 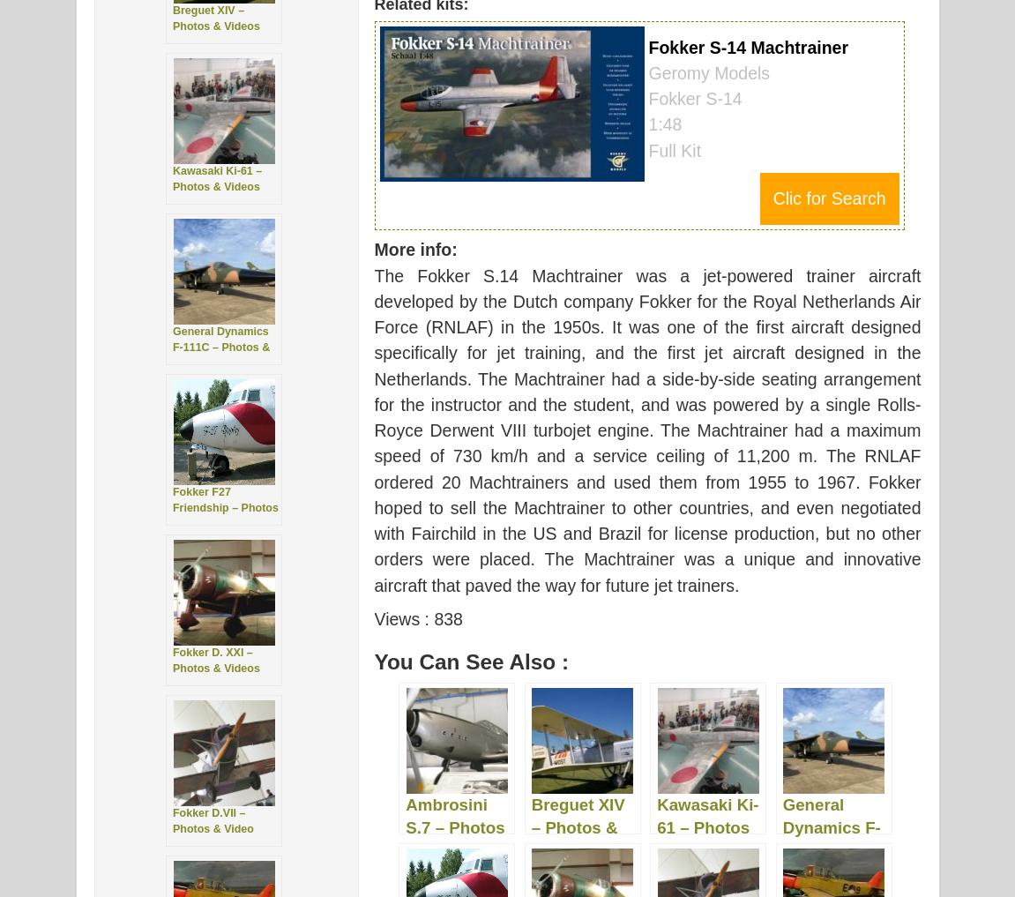 What do you see at coordinates (416, 617) in the screenshot?
I see `'Views : 838'` at bounding box center [416, 617].